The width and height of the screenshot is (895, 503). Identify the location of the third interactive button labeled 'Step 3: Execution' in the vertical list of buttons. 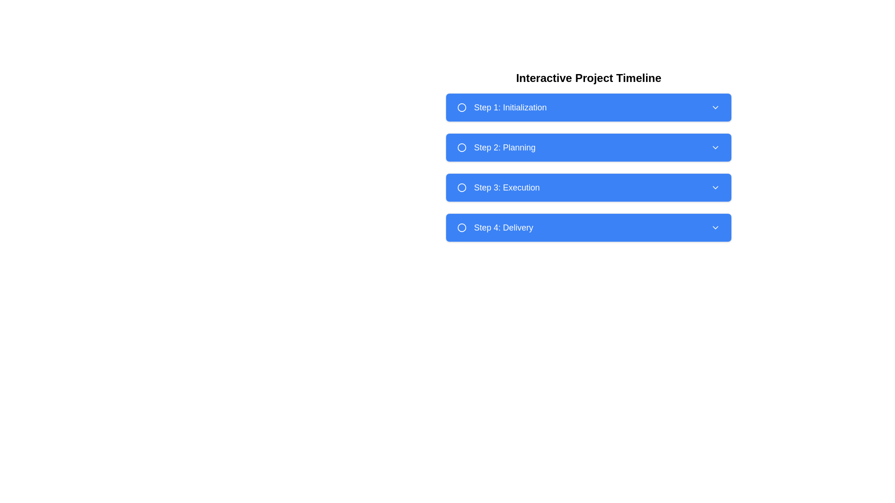
(588, 187).